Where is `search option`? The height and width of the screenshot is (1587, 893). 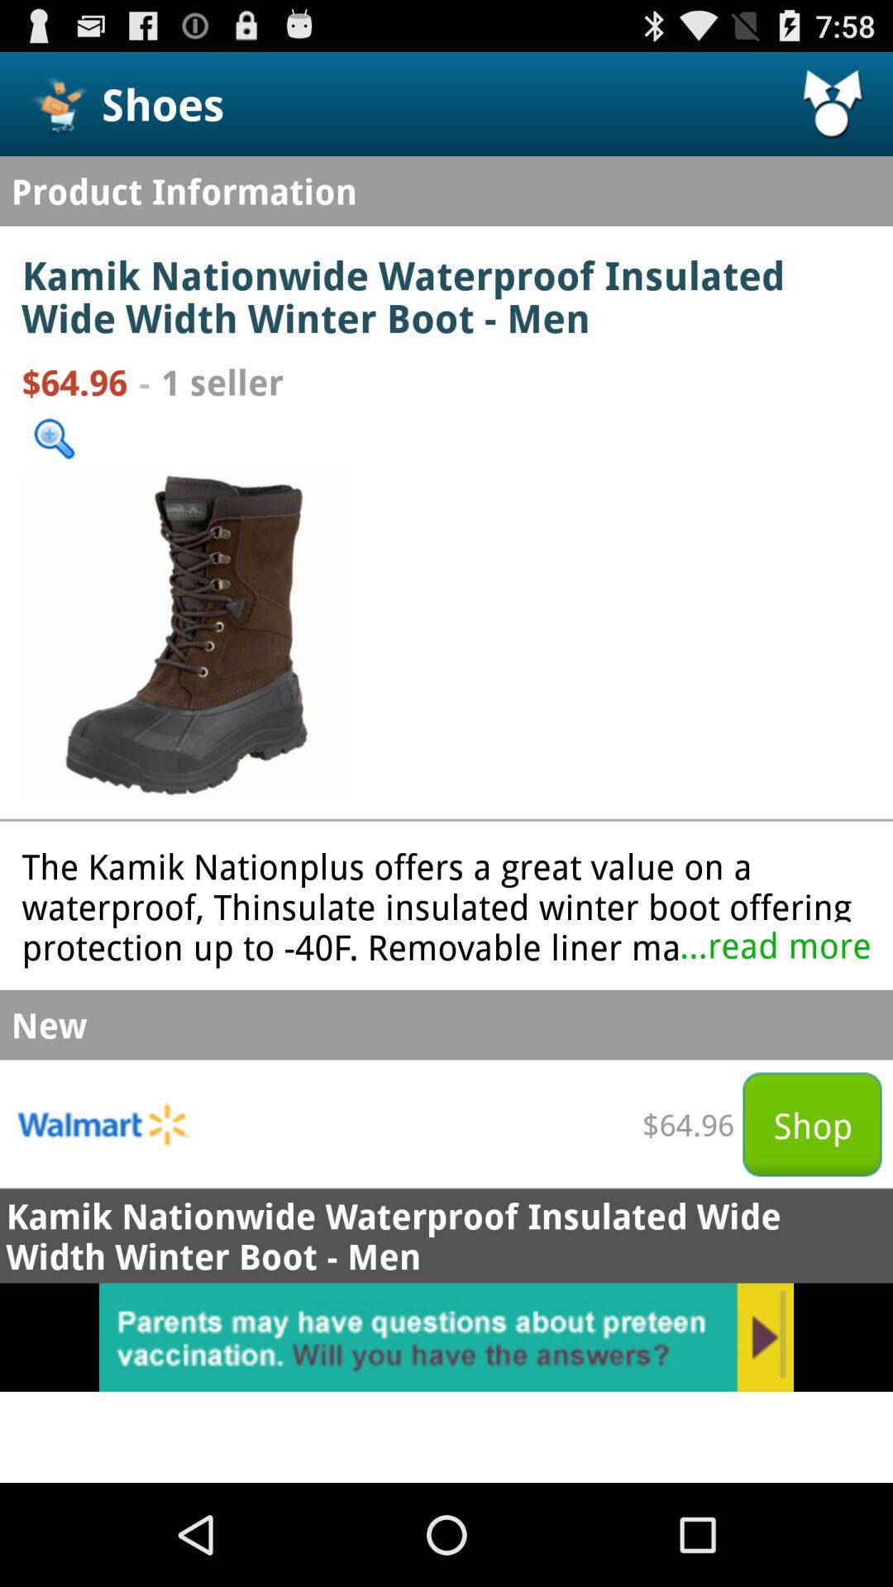
search option is located at coordinates (53, 439).